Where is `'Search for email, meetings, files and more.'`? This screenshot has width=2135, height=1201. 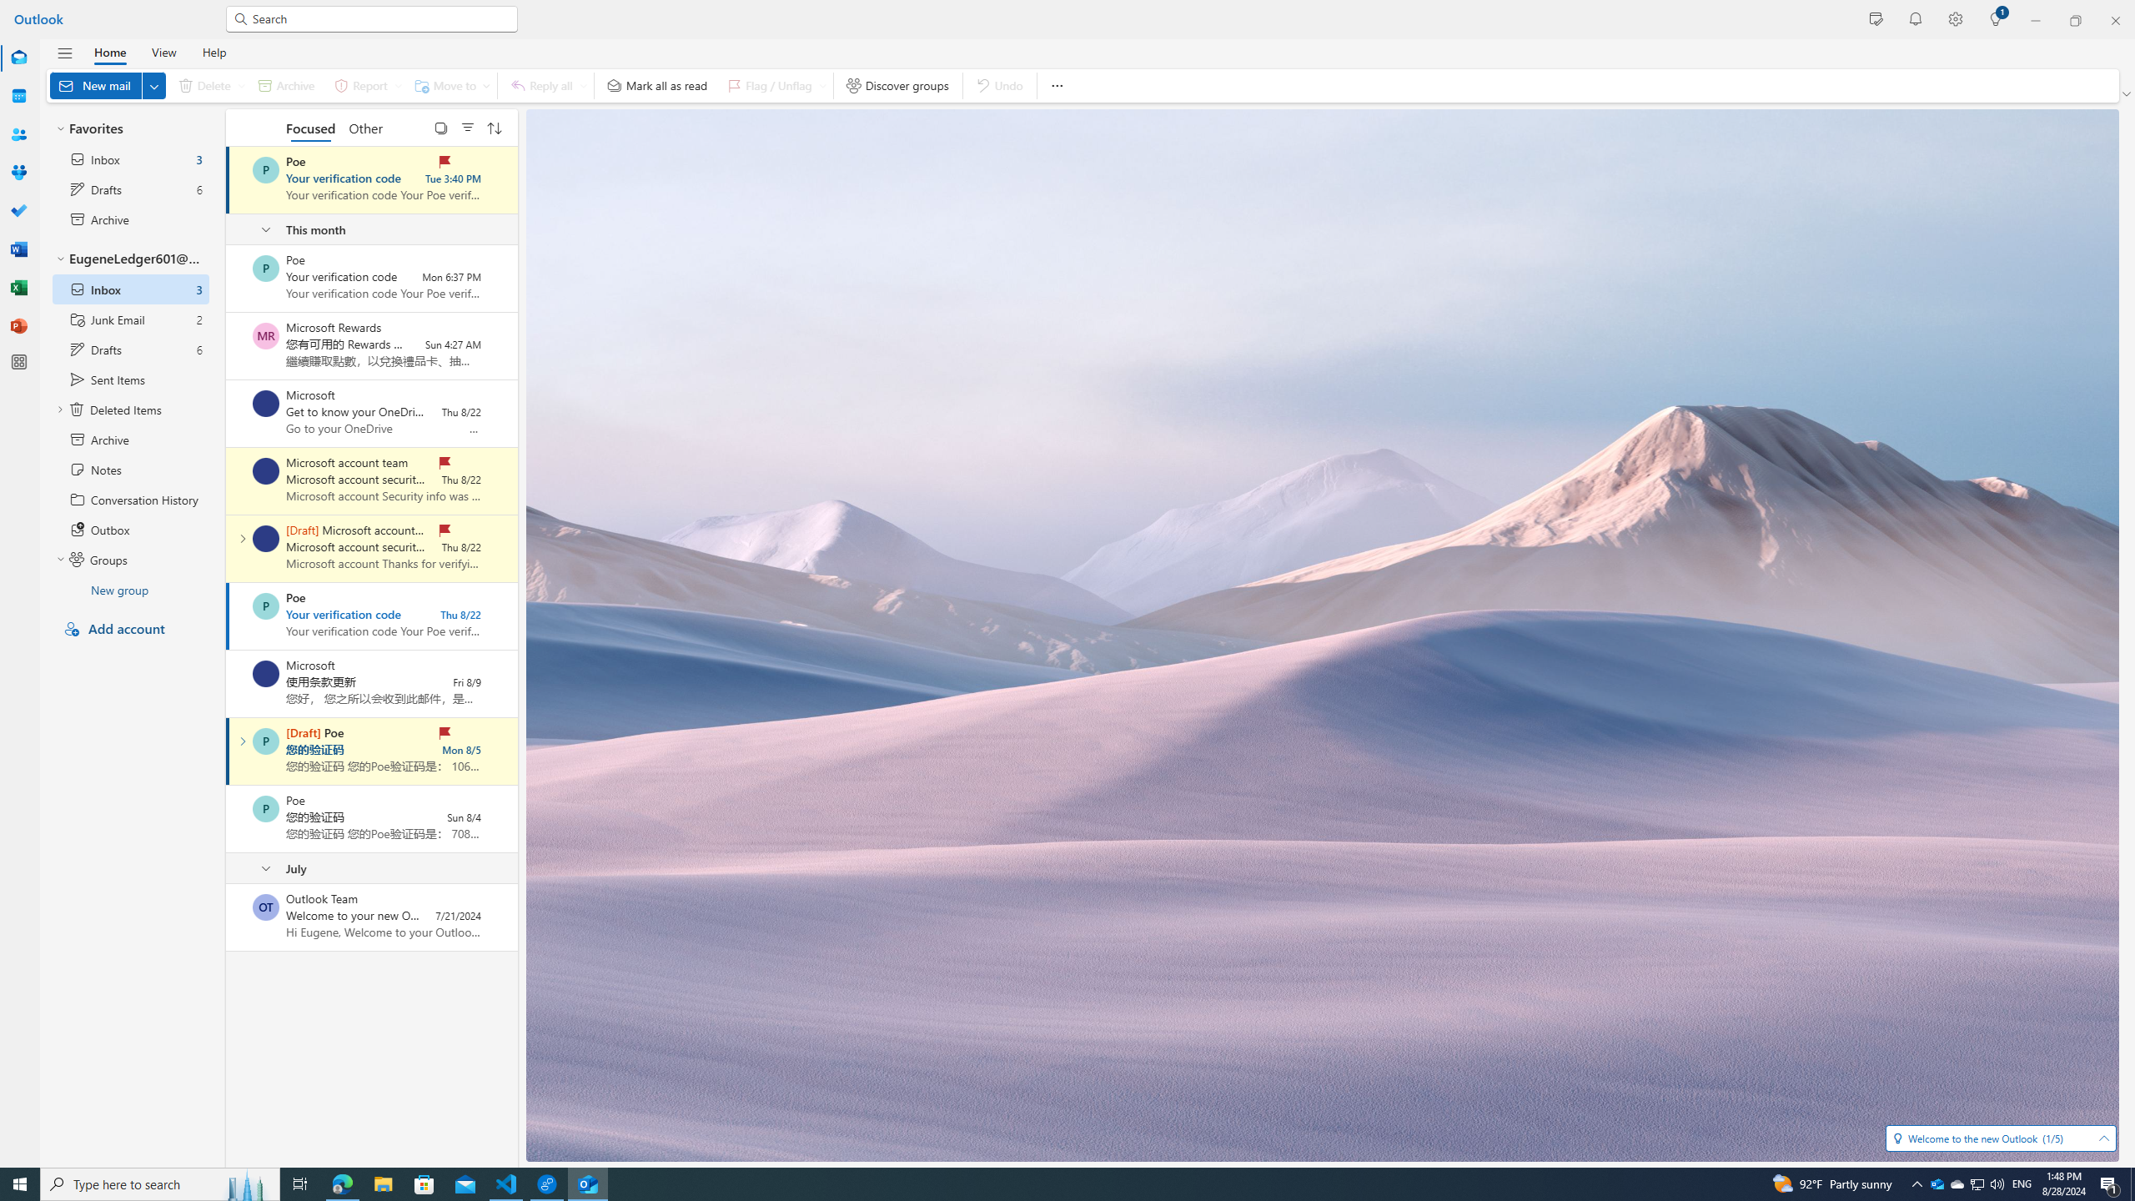 'Search for email, meetings, files and more.' is located at coordinates (379, 18).